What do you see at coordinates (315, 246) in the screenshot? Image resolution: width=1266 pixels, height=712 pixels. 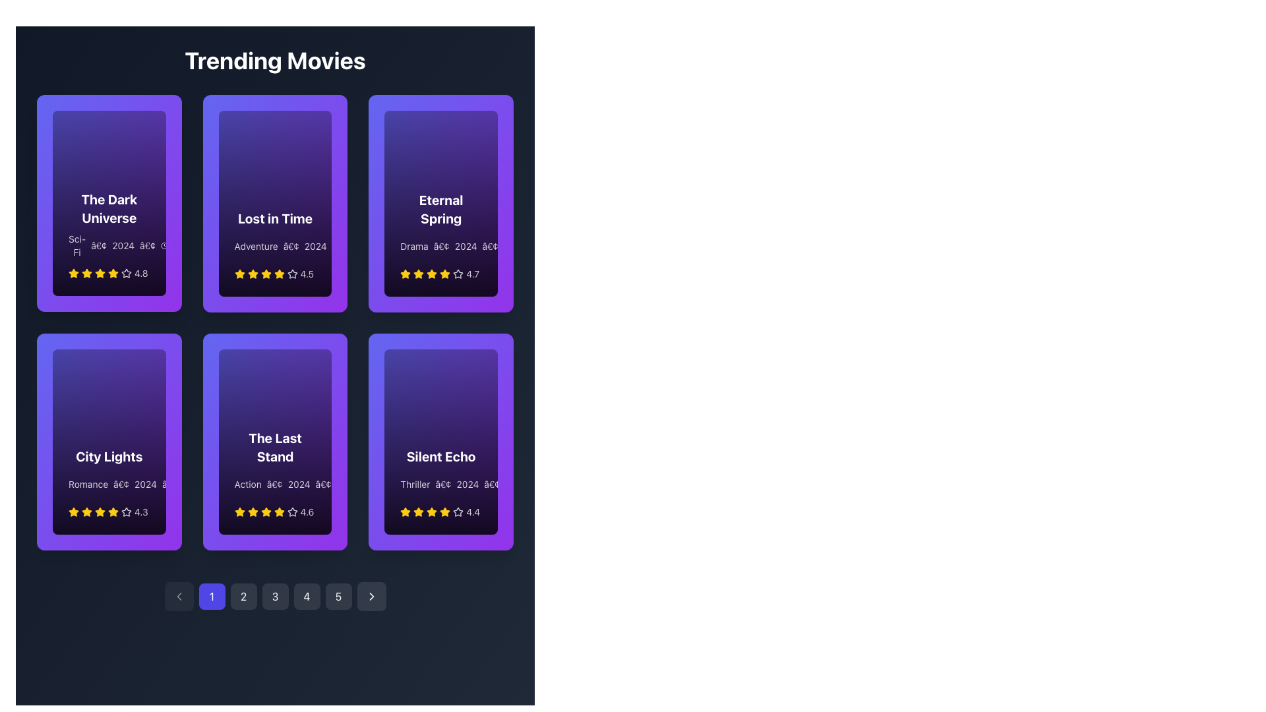 I see `the text label displaying '2024' in white sans-serif font on a dark purple background, located in the movie information card for 'Lost in Time'` at bounding box center [315, 246].